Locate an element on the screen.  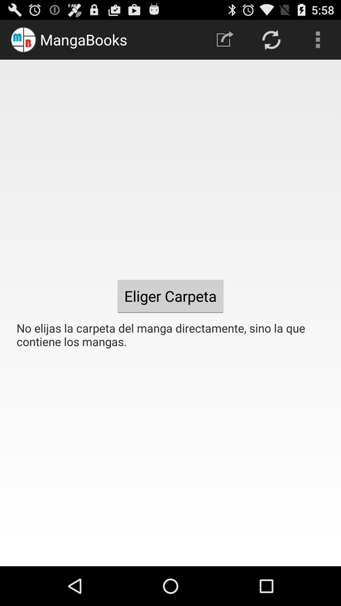
item above the no elijas la app is located at coordinates (318, 39).